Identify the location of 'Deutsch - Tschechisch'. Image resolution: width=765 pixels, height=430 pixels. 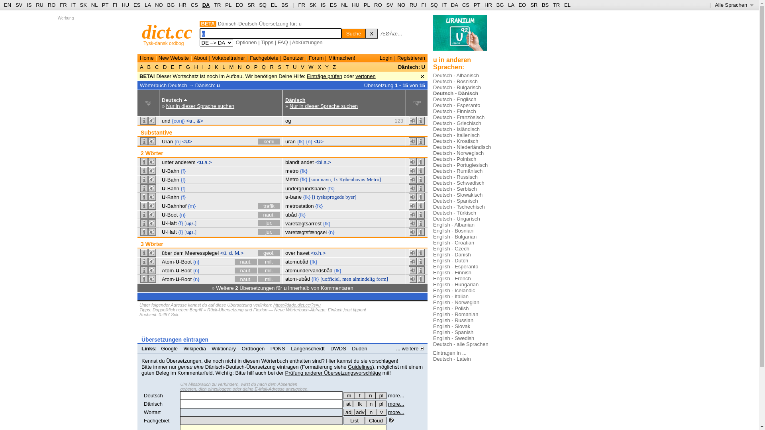
(459, 206).